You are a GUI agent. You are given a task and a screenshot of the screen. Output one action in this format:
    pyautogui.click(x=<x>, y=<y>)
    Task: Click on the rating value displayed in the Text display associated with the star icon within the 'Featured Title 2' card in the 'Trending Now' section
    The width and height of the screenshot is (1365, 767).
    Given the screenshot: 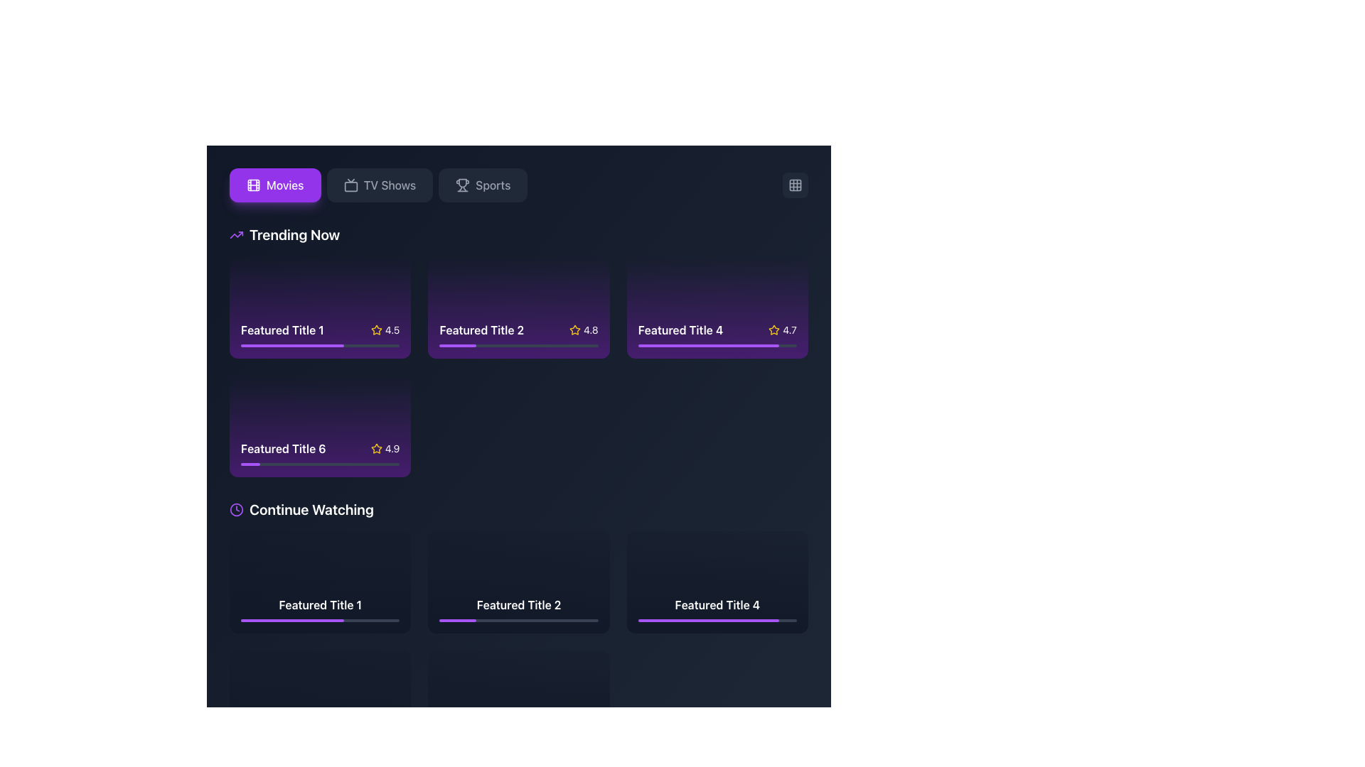 What is the action you would take?
    pyautogui.click(x=591, y=330)
    